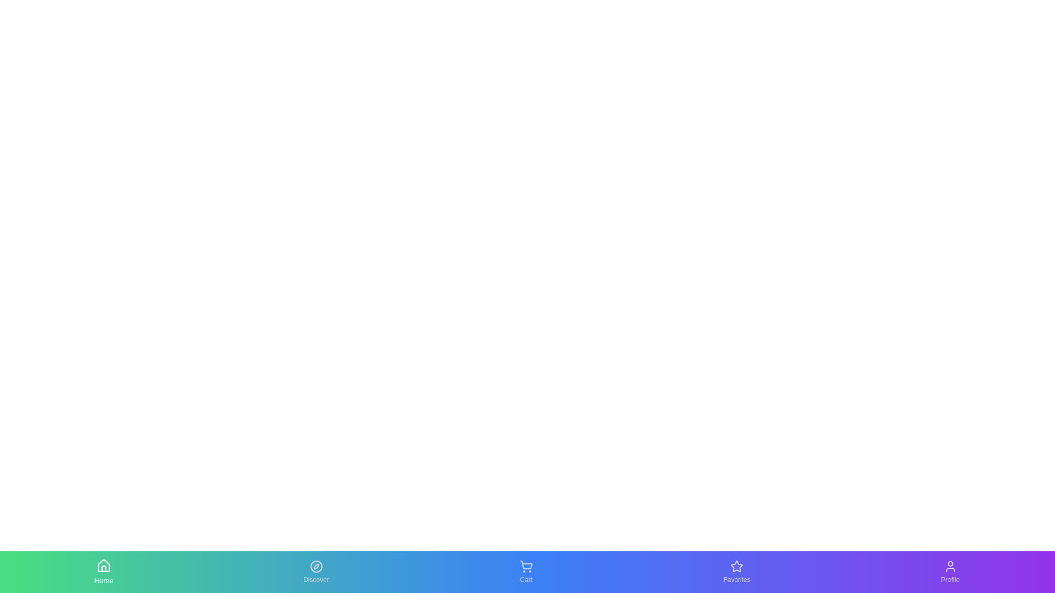 The height and width of the screenshot is (593, 1055). What do you see at coordinates (525, 571) in the screenshot?
I see `the Cart tab by clicking on its icon or label` at bounding box center [525, 571].